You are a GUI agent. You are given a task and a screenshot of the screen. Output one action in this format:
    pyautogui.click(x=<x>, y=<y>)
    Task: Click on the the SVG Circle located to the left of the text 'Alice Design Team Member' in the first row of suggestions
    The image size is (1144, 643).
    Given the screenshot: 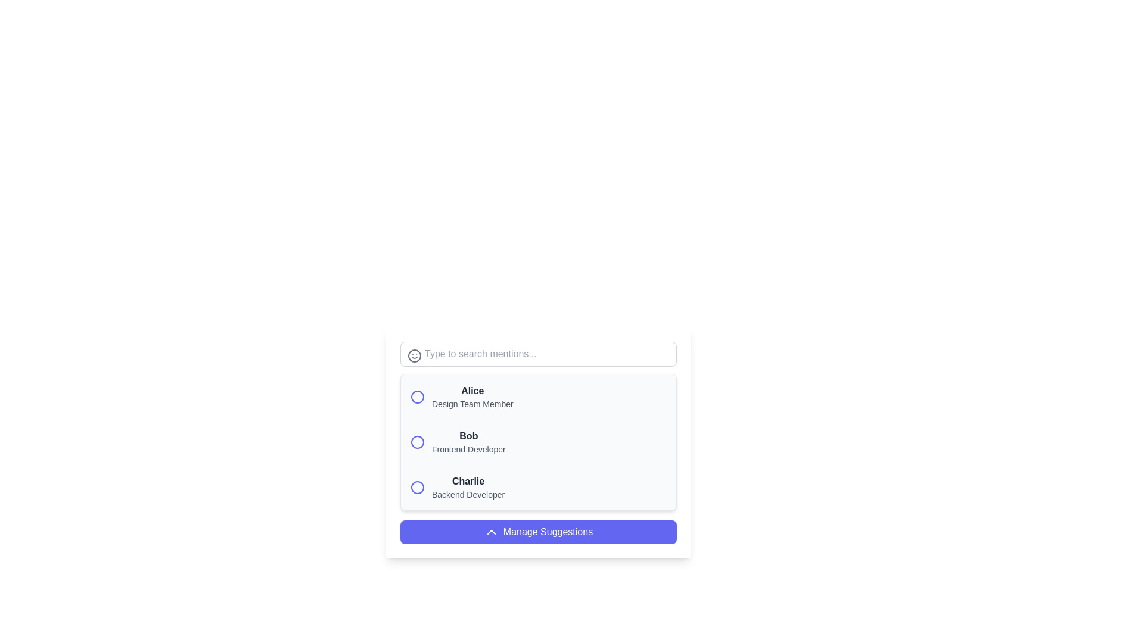 What is the action you would take?
    pyautogui.click(x=417, y=397)
    